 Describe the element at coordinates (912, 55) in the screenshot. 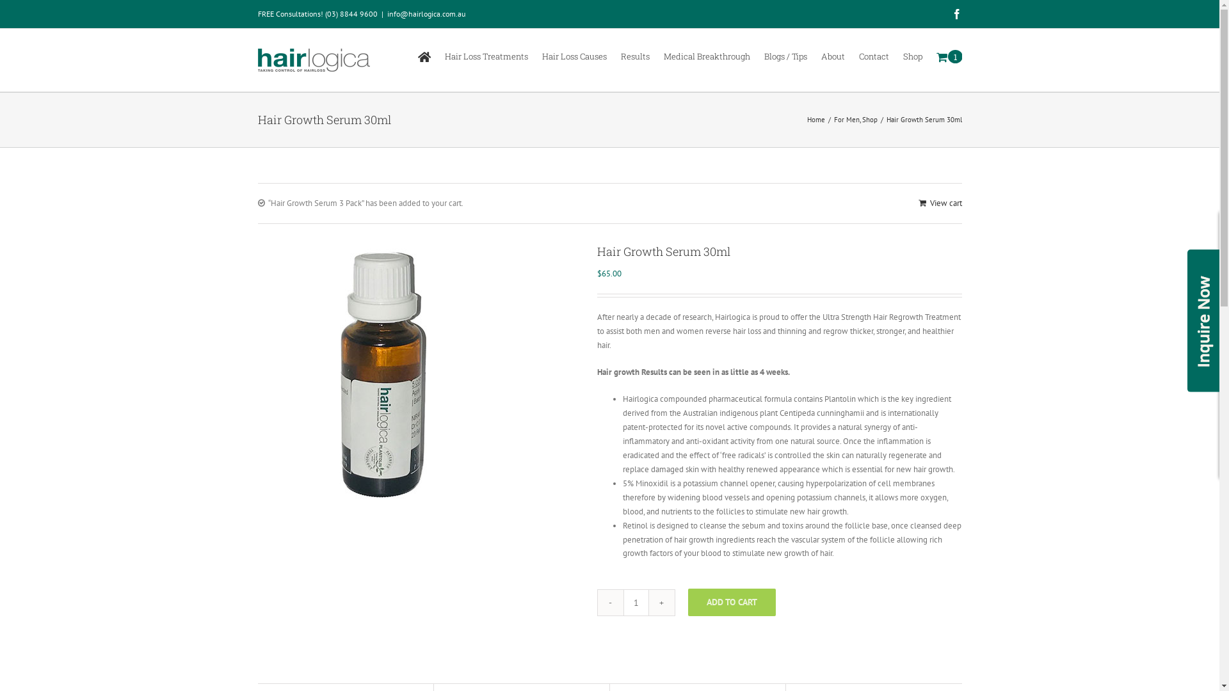

I see `'Shop'` at that location.